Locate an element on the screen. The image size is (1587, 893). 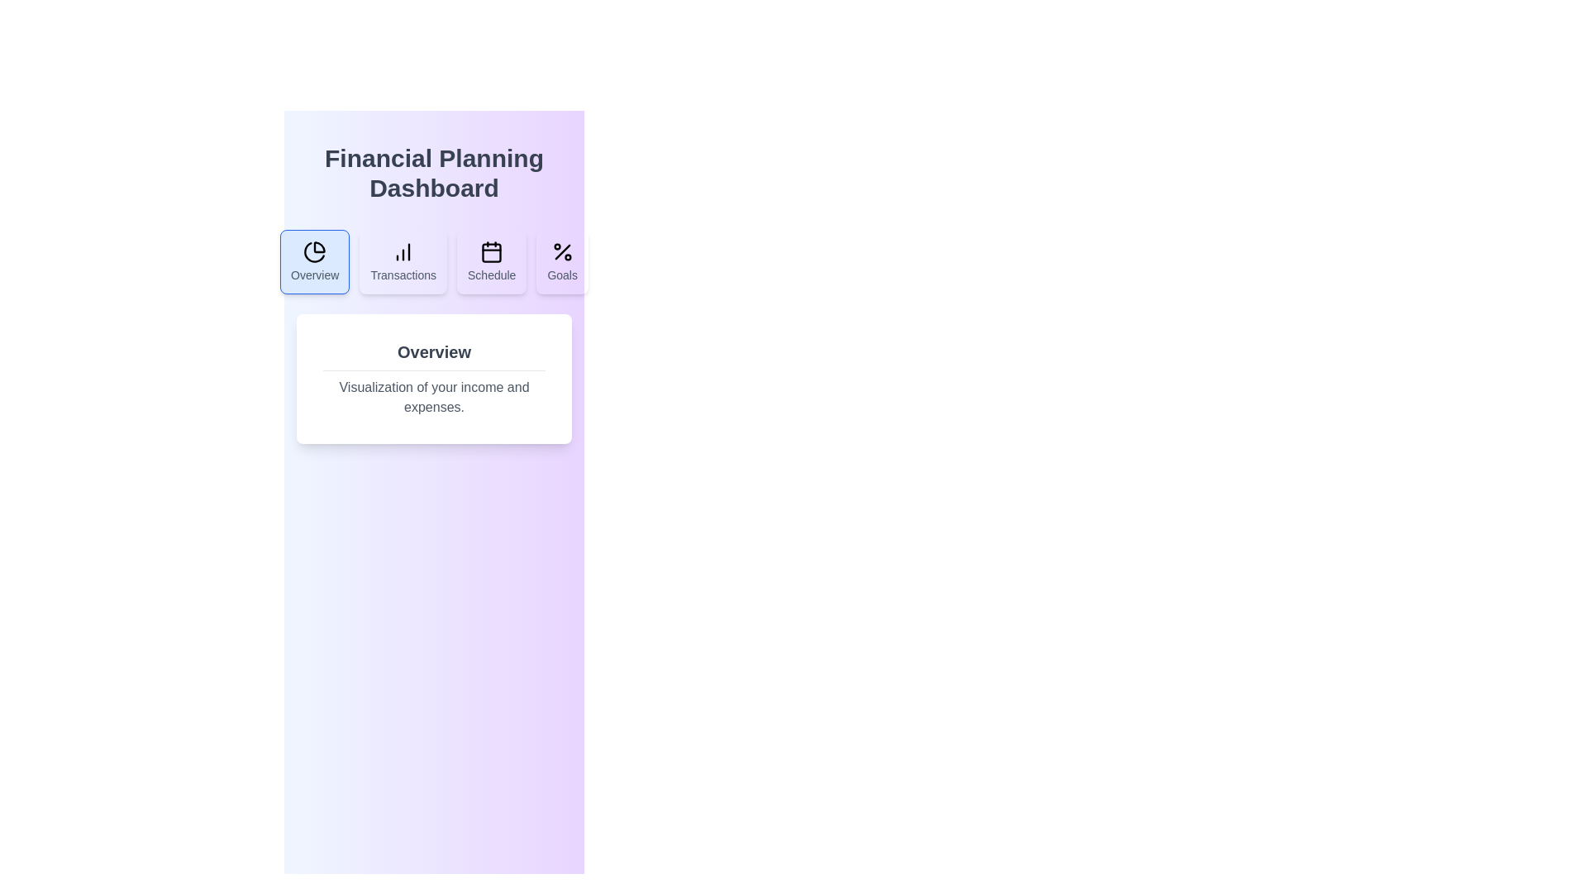
the Static Text Header that indicates the title or topic of the content below, located at the top of a content card within a larger white rectangular box is located at coordinates (434, 355).